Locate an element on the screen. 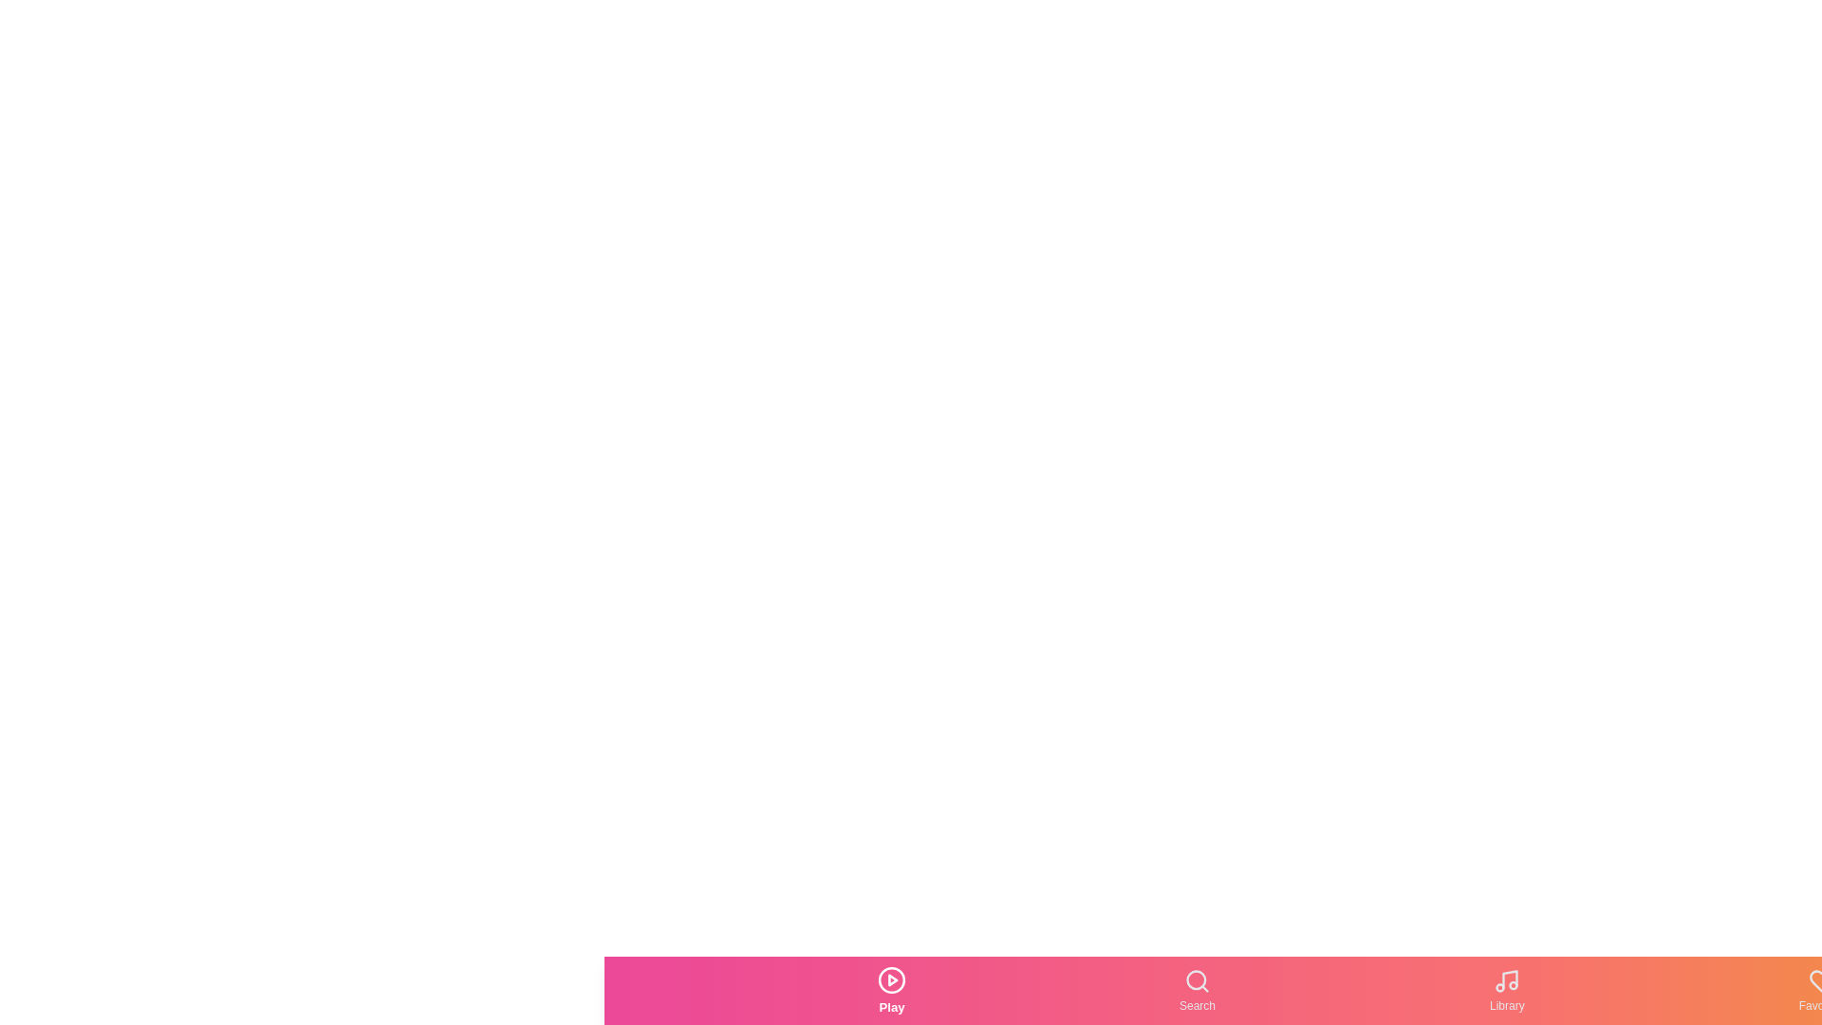  the Play tab to navigate to the corresponding section is located at coordinates (891, 990).